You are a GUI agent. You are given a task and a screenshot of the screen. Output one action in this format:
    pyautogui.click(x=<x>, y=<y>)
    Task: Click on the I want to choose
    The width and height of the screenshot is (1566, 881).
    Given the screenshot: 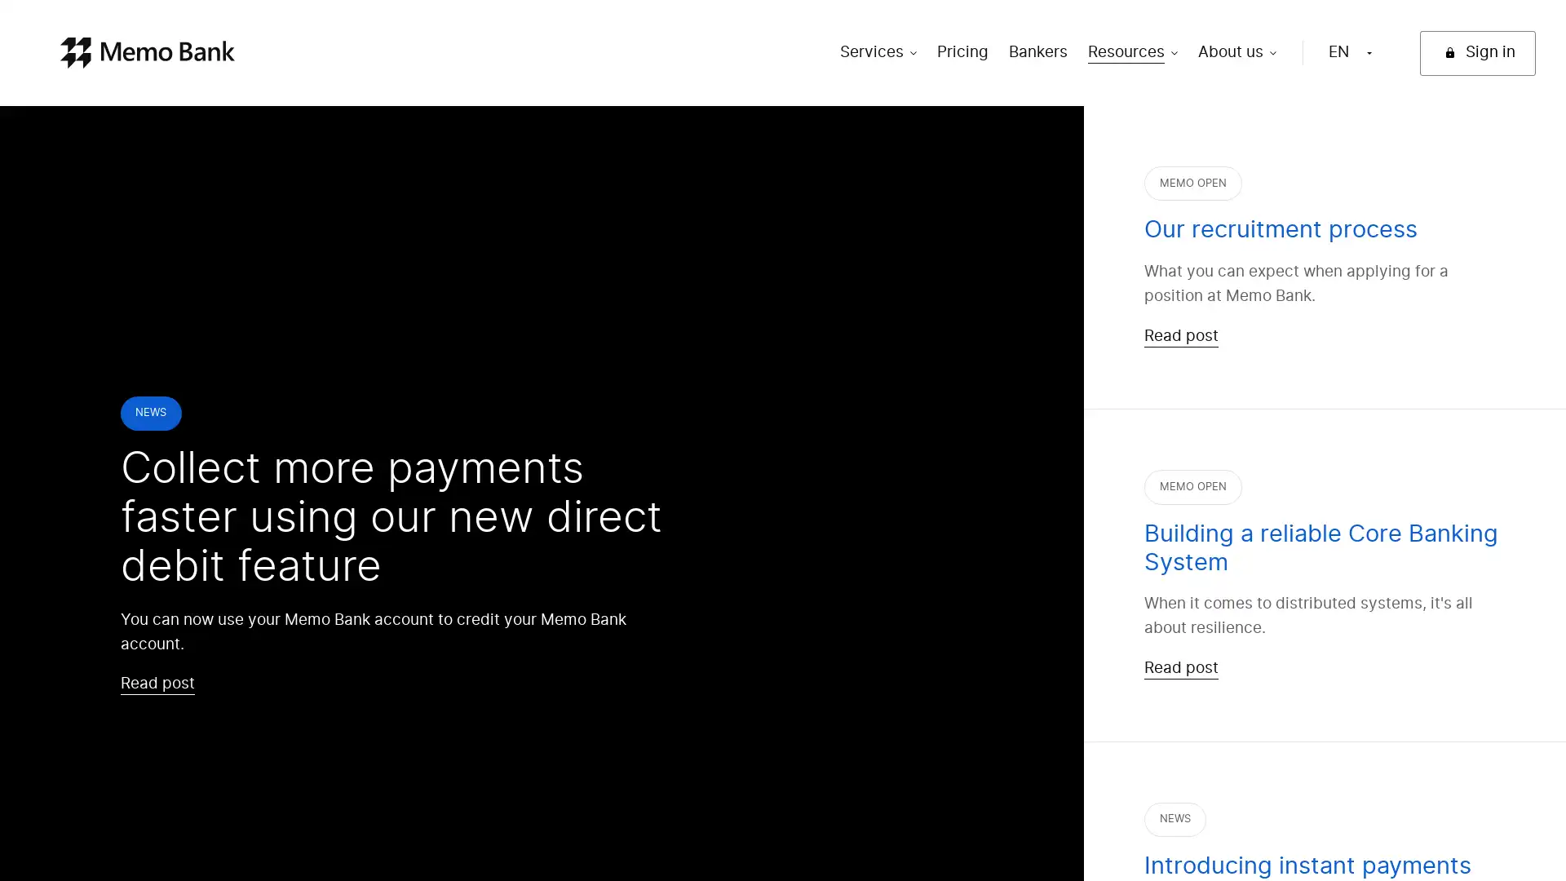 What is the action you would take?
    pyautogui.click(x=100, y=798)
    